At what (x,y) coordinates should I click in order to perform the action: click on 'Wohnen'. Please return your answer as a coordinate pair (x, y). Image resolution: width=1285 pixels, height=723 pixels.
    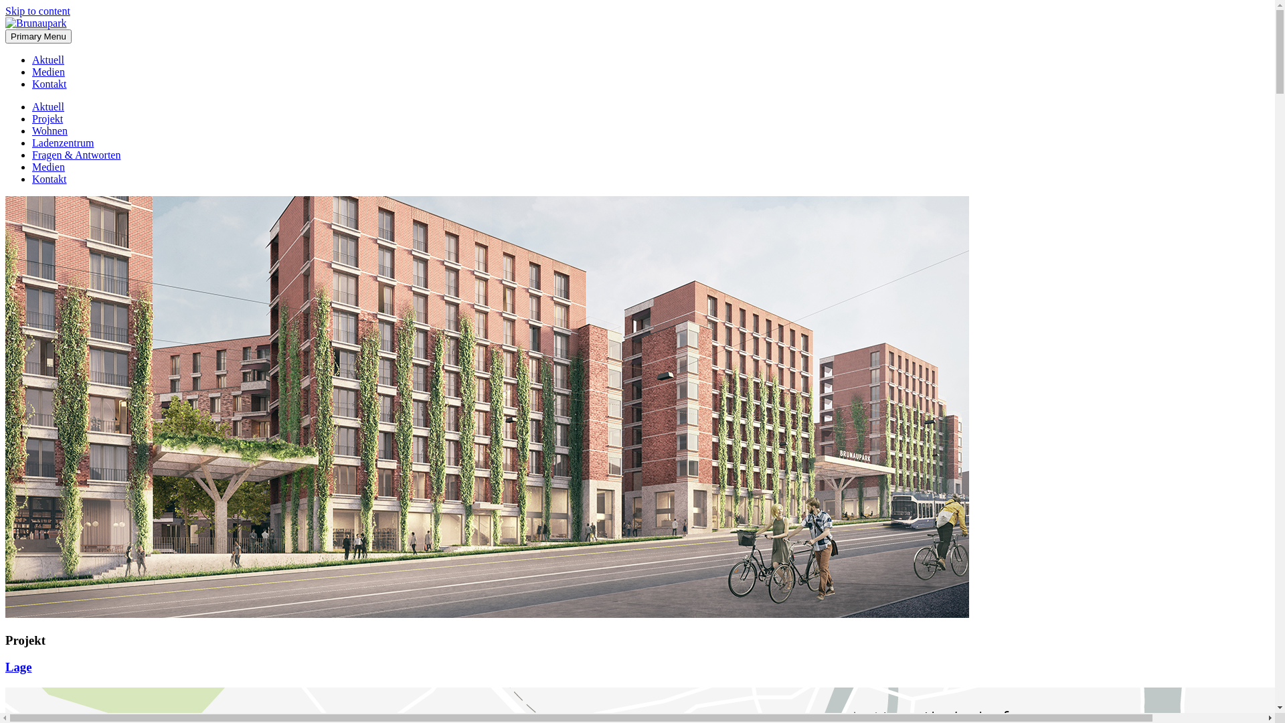
    Looking at the image, I should click on (32, 131).